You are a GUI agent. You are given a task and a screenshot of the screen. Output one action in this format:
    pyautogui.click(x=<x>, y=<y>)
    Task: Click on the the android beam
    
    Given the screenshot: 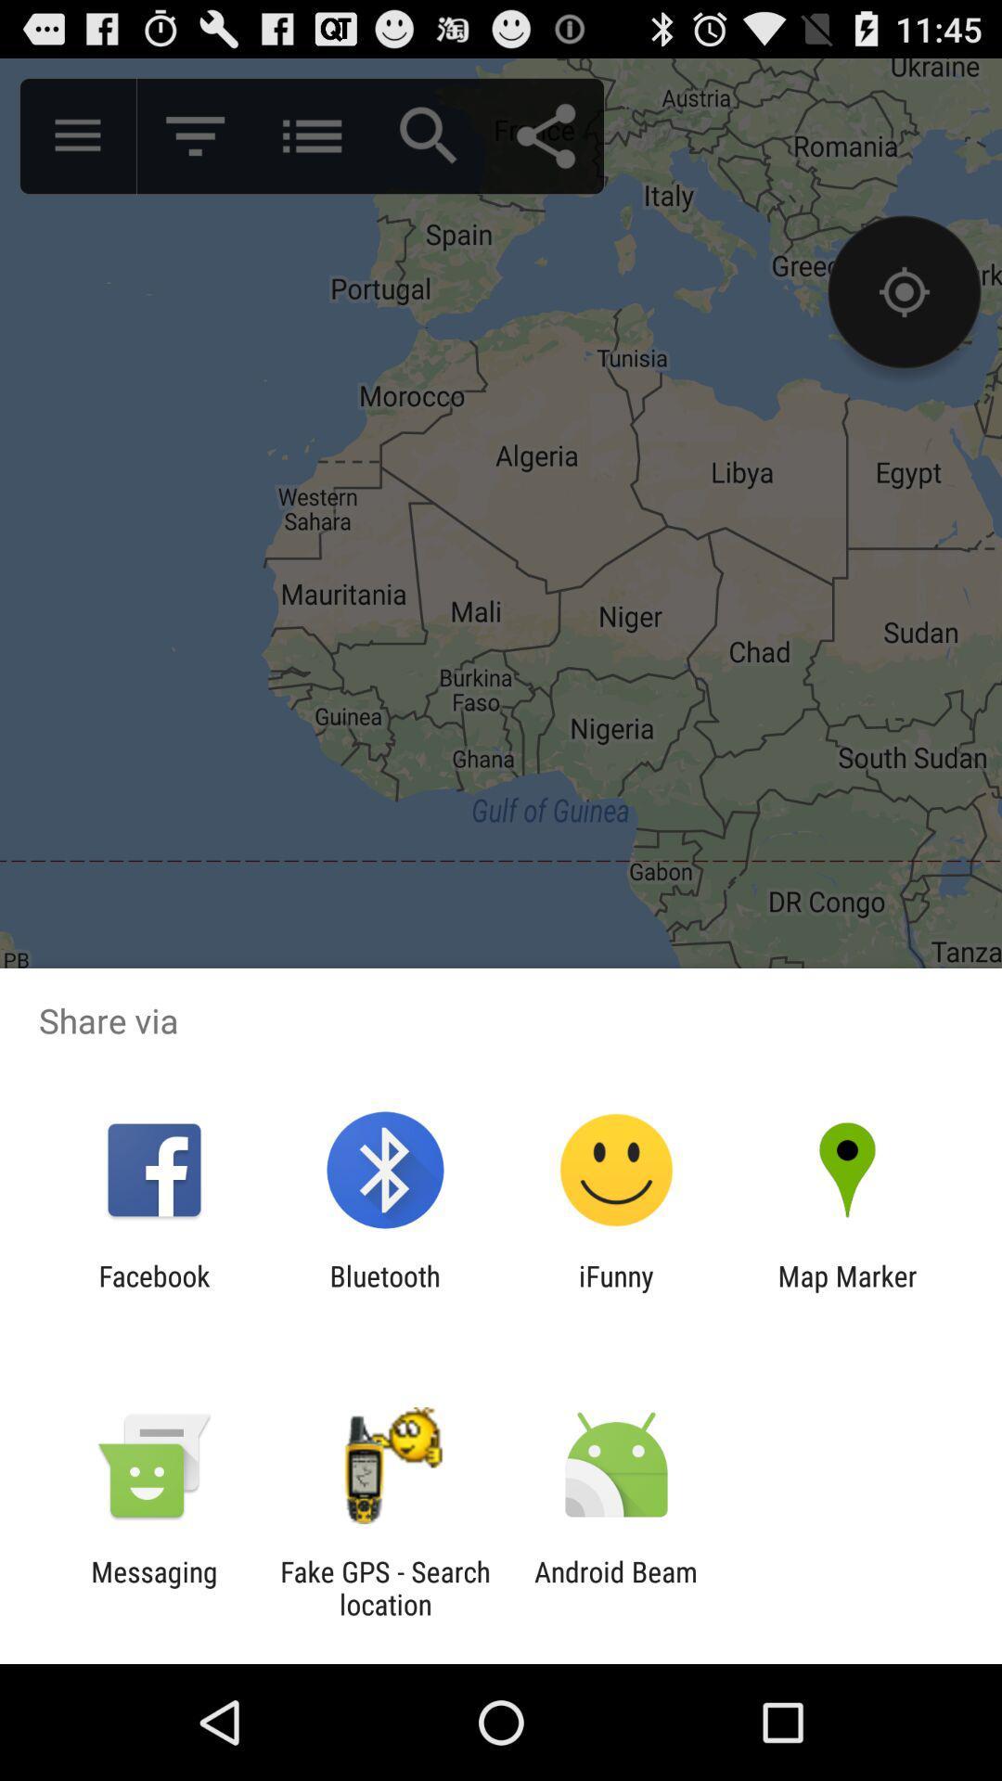 What is the action you would take?
    pyautogui.click(x=616, y=1587)
    